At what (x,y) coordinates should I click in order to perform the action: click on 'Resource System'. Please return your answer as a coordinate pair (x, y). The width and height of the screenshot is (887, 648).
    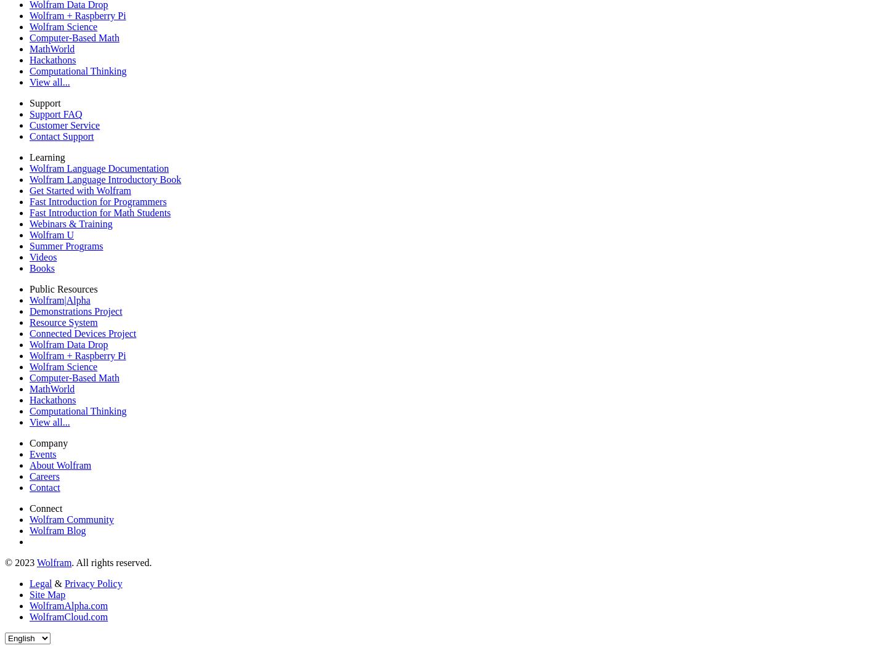
    Looking at the image, I should click on (63, 322).